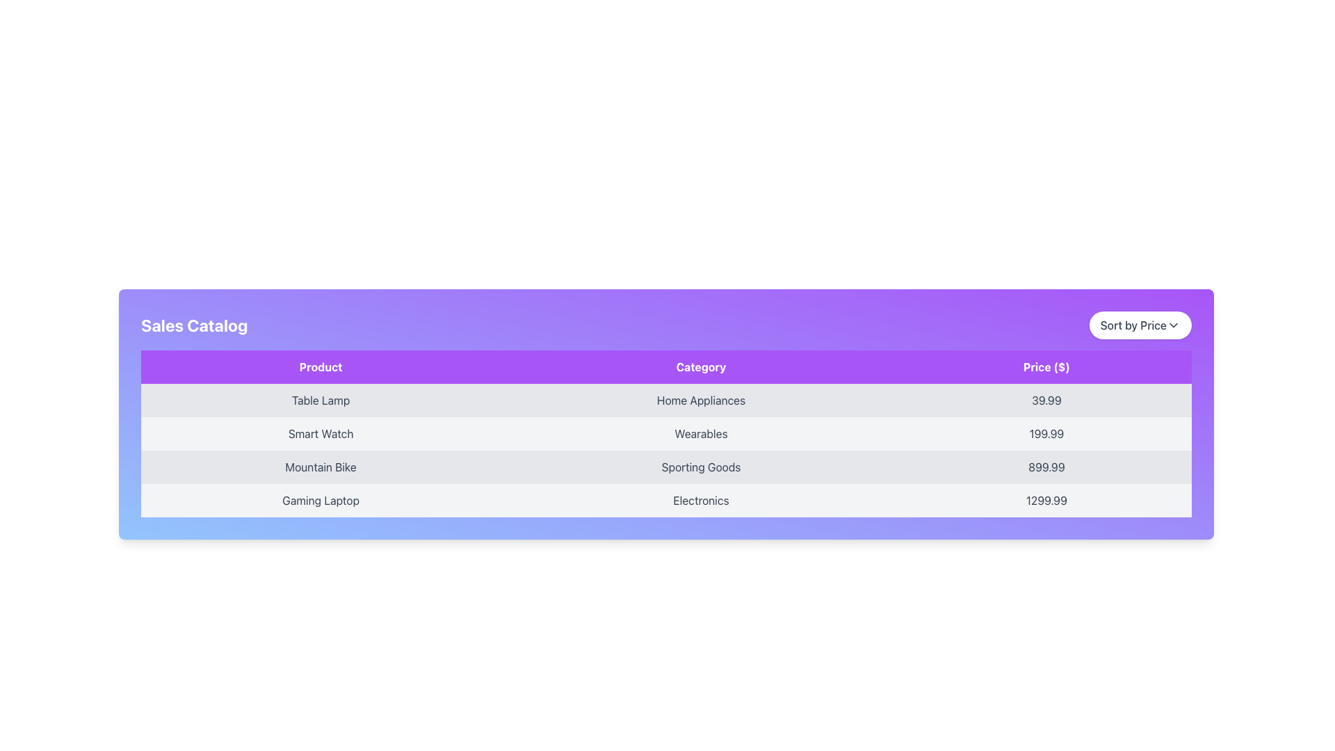  Describe the element at coordinates (1046, 433) in the screenshot. I see `the price display text for the 'Smart Watch' located in the 'Price ($)' column of the products table` at that location.